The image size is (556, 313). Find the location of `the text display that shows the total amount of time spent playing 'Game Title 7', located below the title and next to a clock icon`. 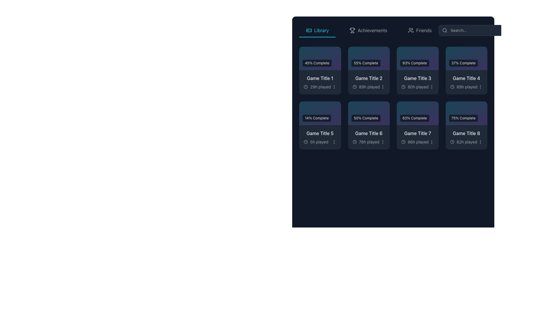

the text display that shows the total amount of time spent playing 'Game Title 7', located below the title and next to a clock icon is located at coordinates (418, 142).